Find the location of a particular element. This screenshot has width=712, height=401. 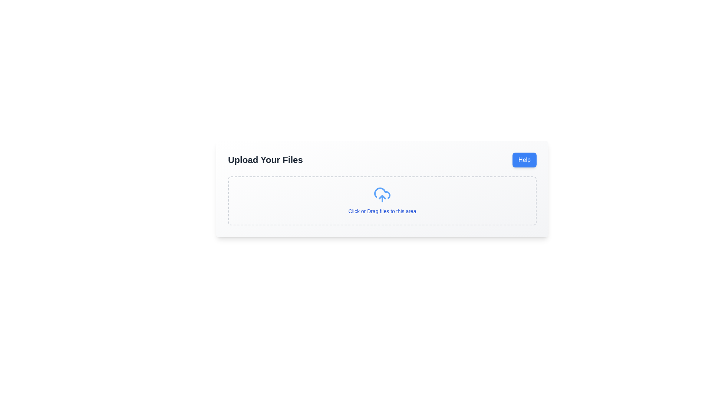

the curved blue line at the top half of the cloud icon which is part of a larger SVG graphic is located at coordinates (382, 193).